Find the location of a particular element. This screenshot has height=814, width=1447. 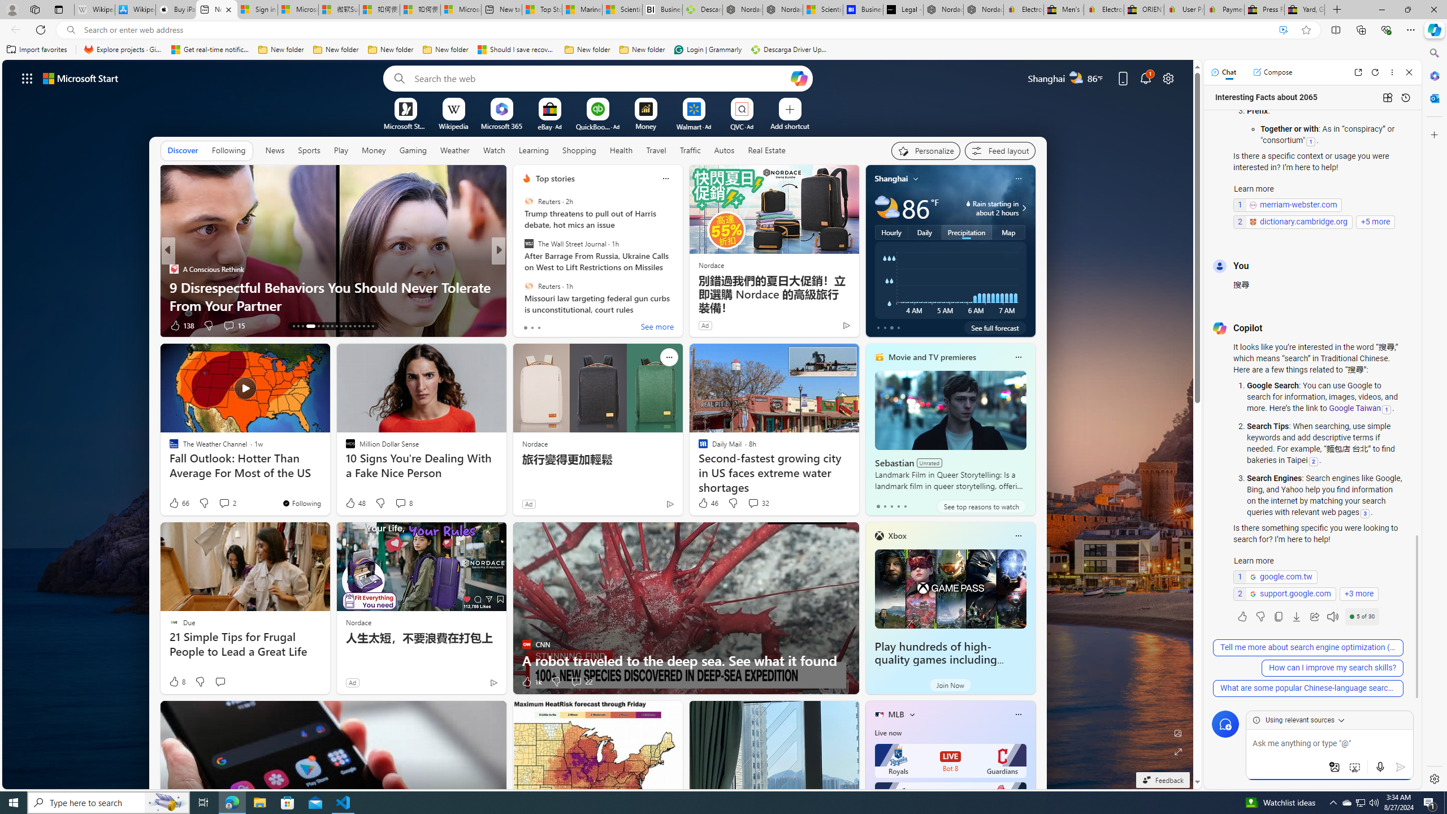

'49 Like' is located at coordinates (527, 325).